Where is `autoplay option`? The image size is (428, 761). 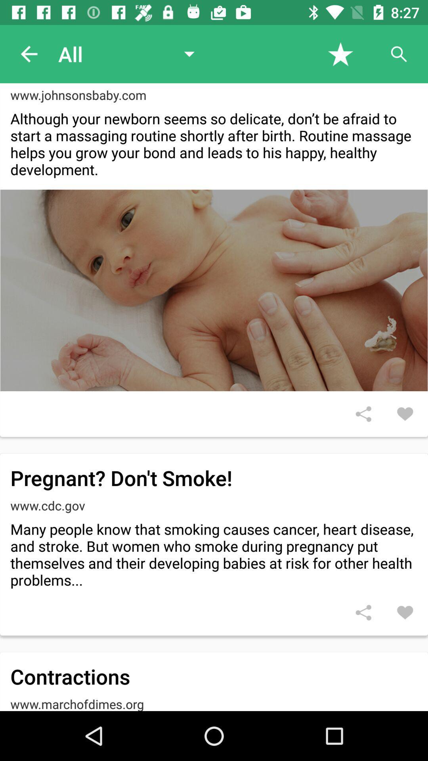
autoplay option is located at coordinates (399, 54).